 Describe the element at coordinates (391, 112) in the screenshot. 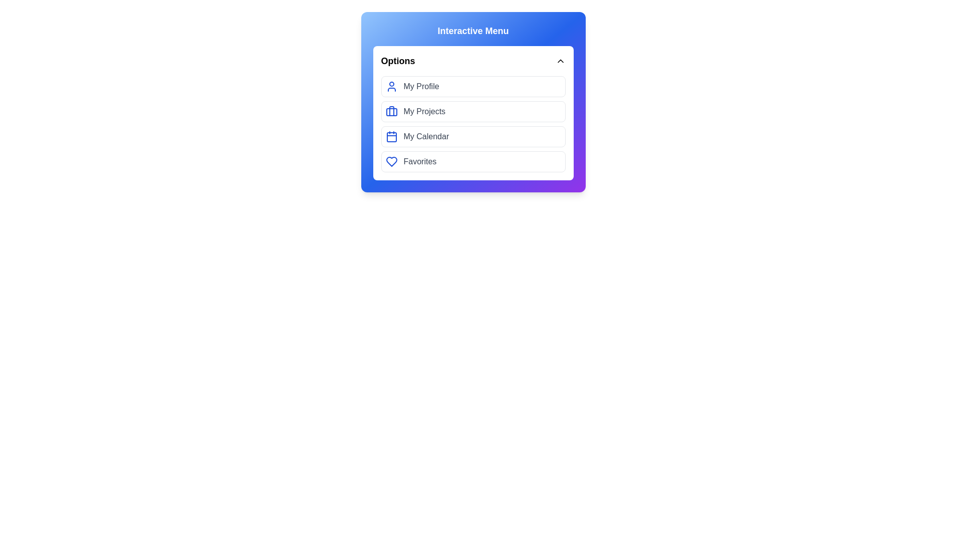

I see `the appearance of the briefcase icon with a blue outline located beside the 'My Projects' text in the menu options` at that location.